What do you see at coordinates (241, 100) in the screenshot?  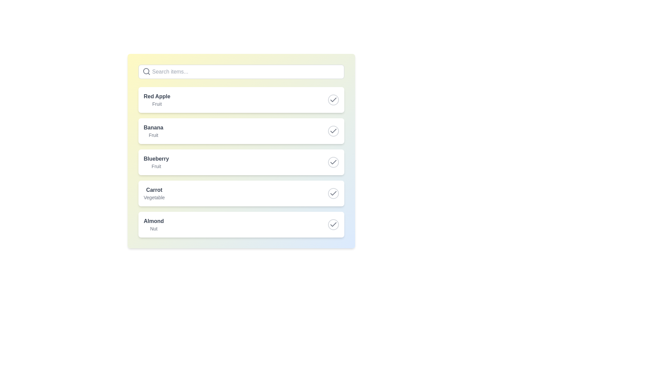 I see `to select the list item labeled 'Red Apple', which is the first item in the fruit category of the vertically arranged list` at bounding box center [241, 100].